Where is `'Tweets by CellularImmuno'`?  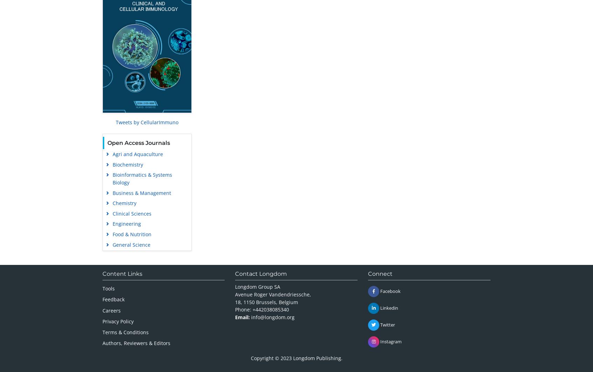 'Tweets by CellularImmuno' is located at coordinates (147, 122).